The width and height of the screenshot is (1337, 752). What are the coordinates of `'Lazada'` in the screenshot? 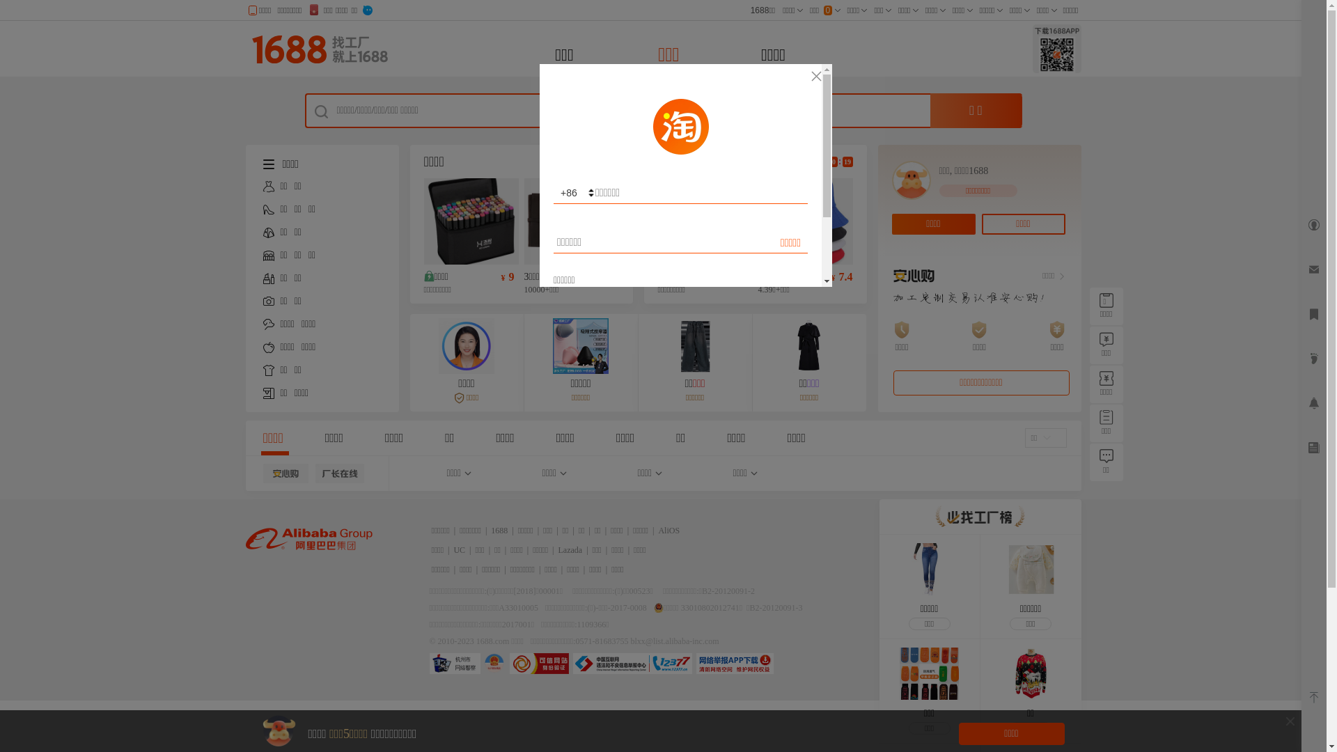 It's located at (570, 549).